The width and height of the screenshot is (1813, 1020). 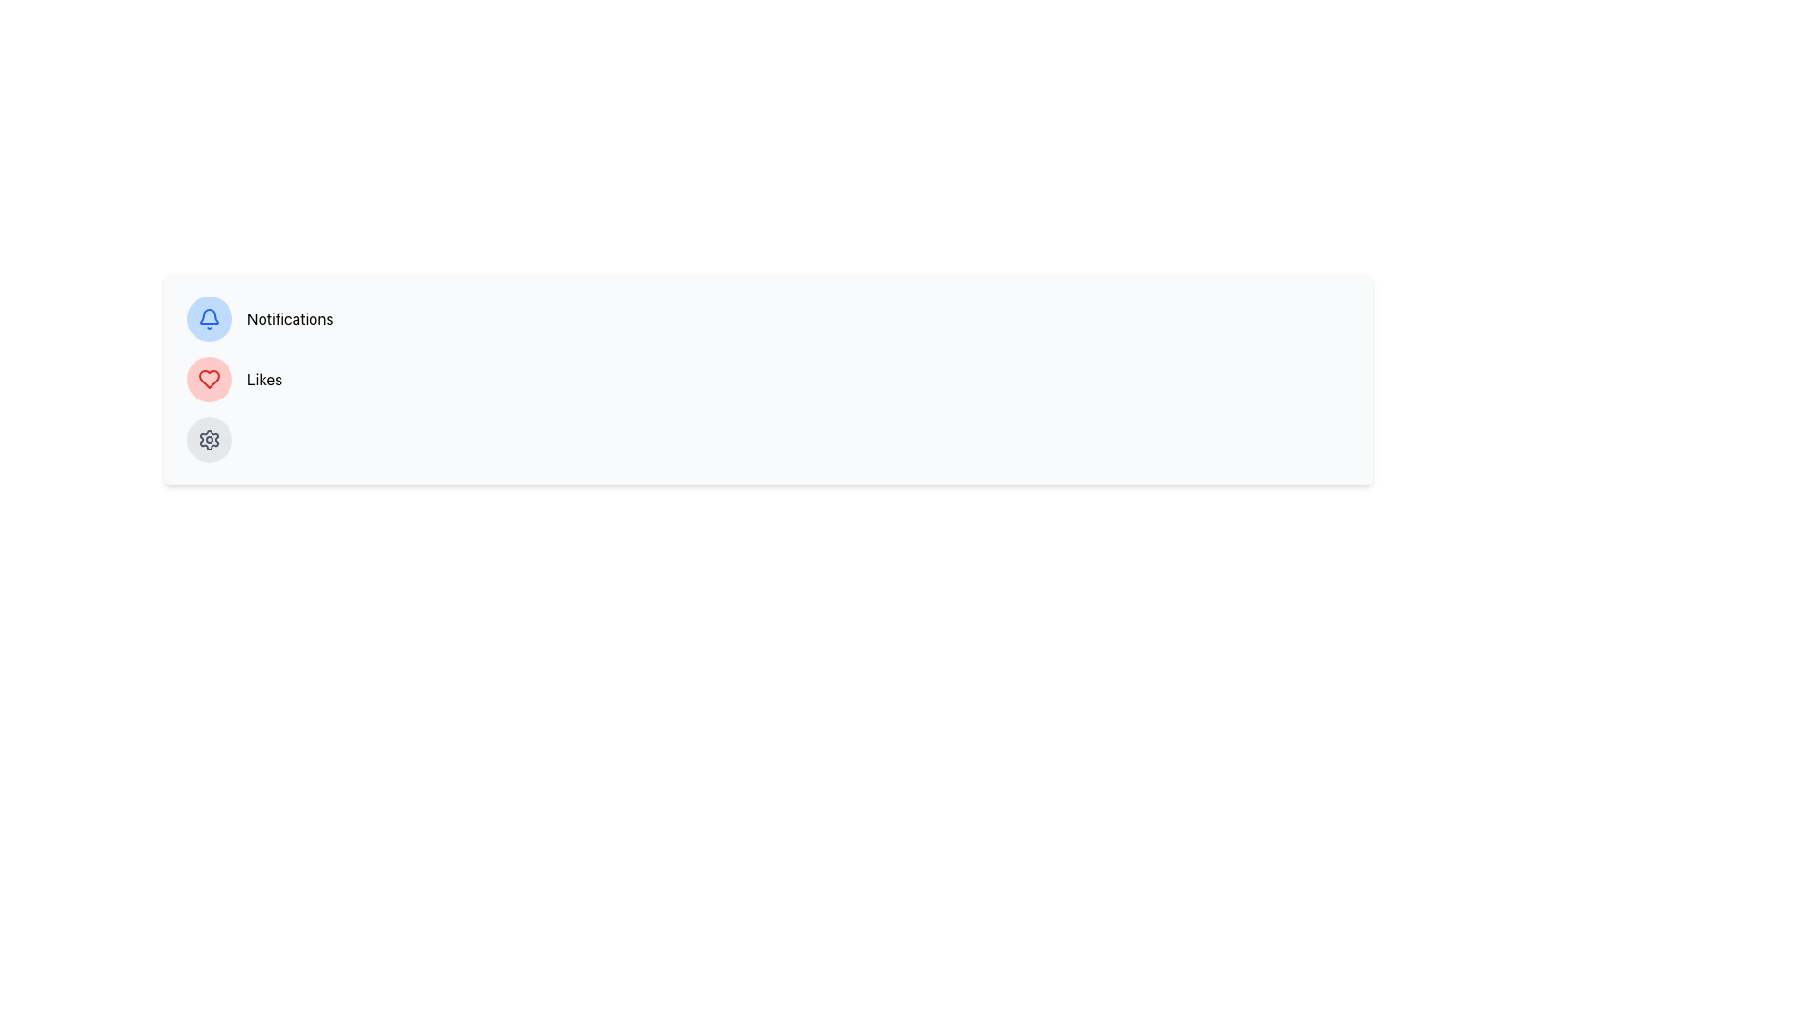 I want to click on the heart-shaped 'like' icon located, so click(x=209, y=379).